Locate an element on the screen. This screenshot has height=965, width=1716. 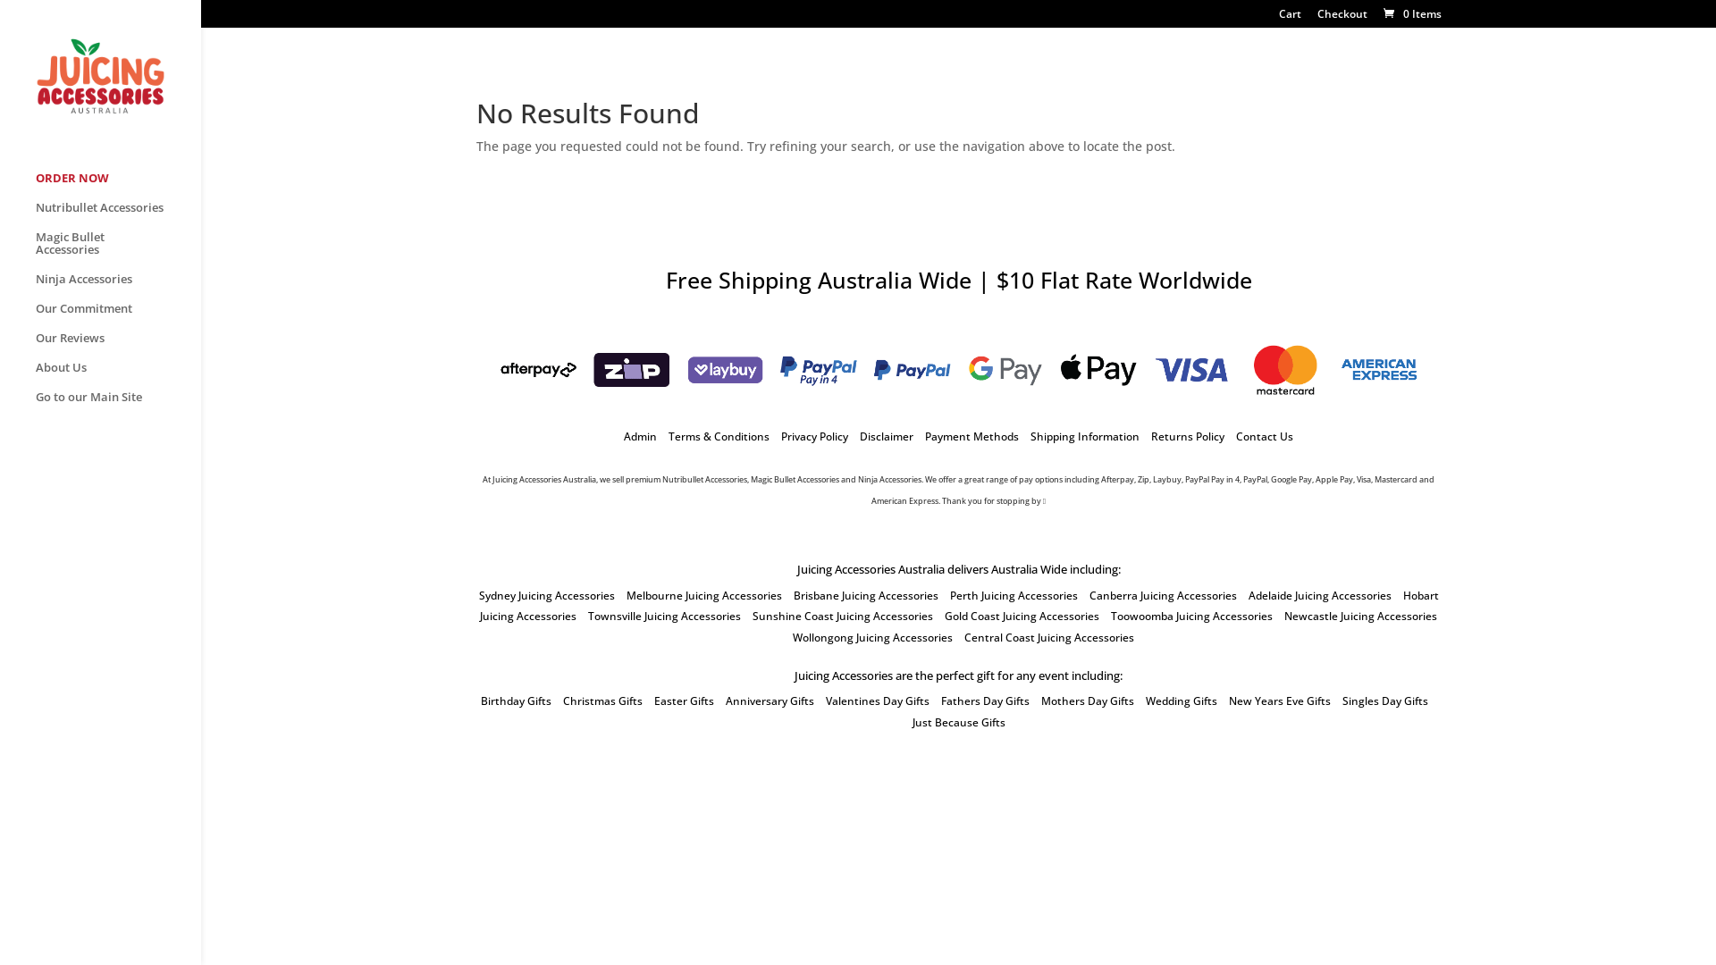
'0 Items' is located at coordinates (1409, 13).